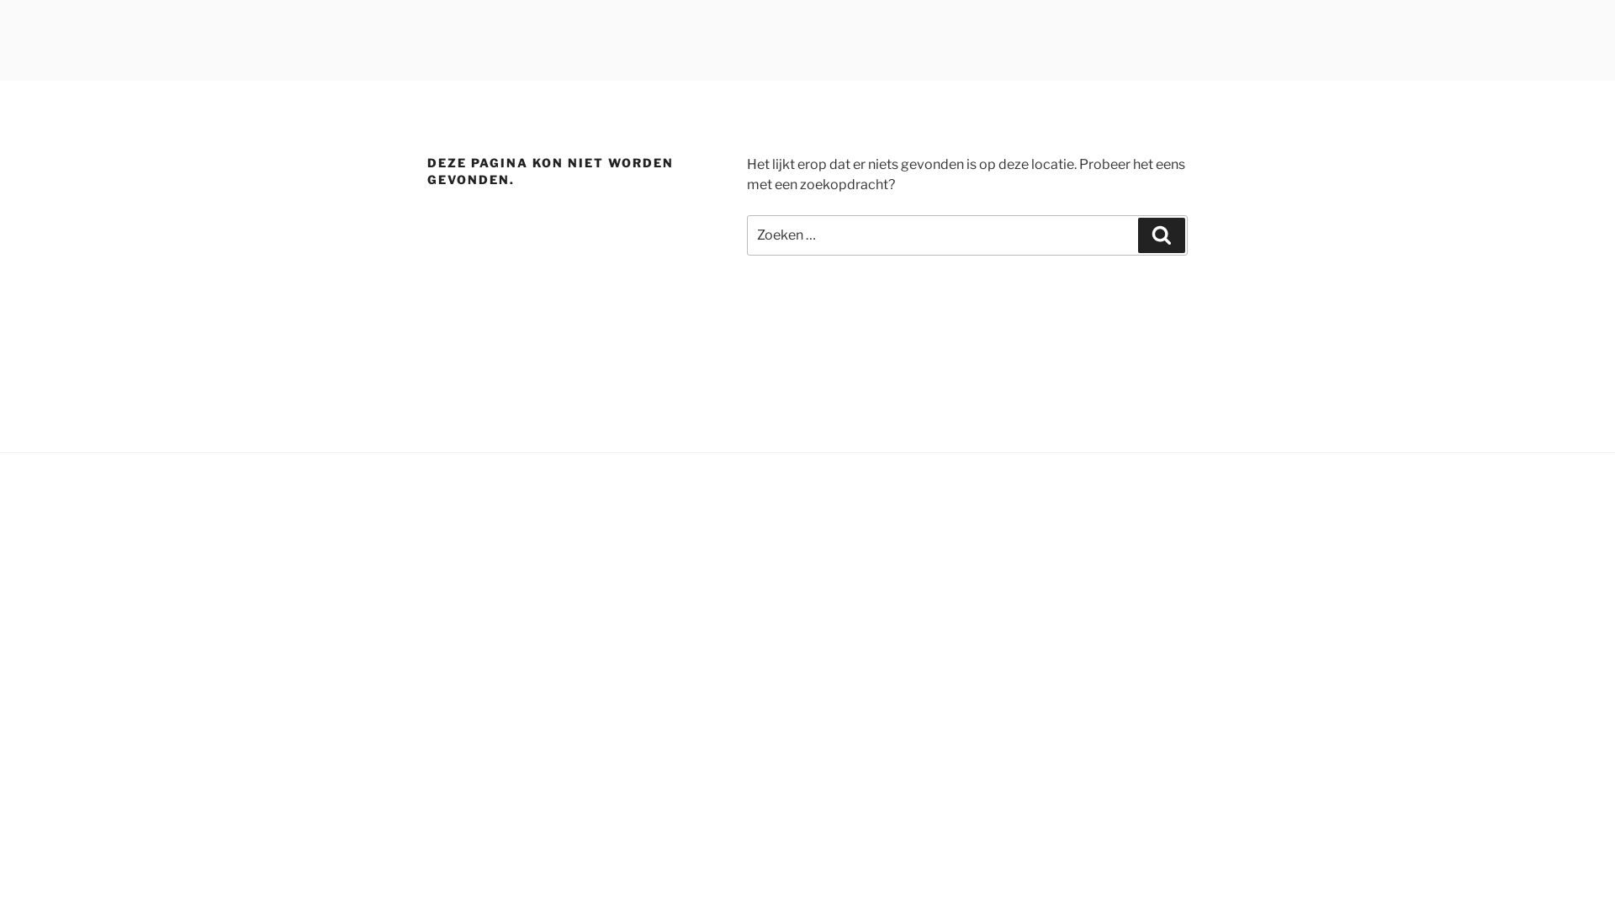  I want to click on 'Zoeken', so click(1161, 235).